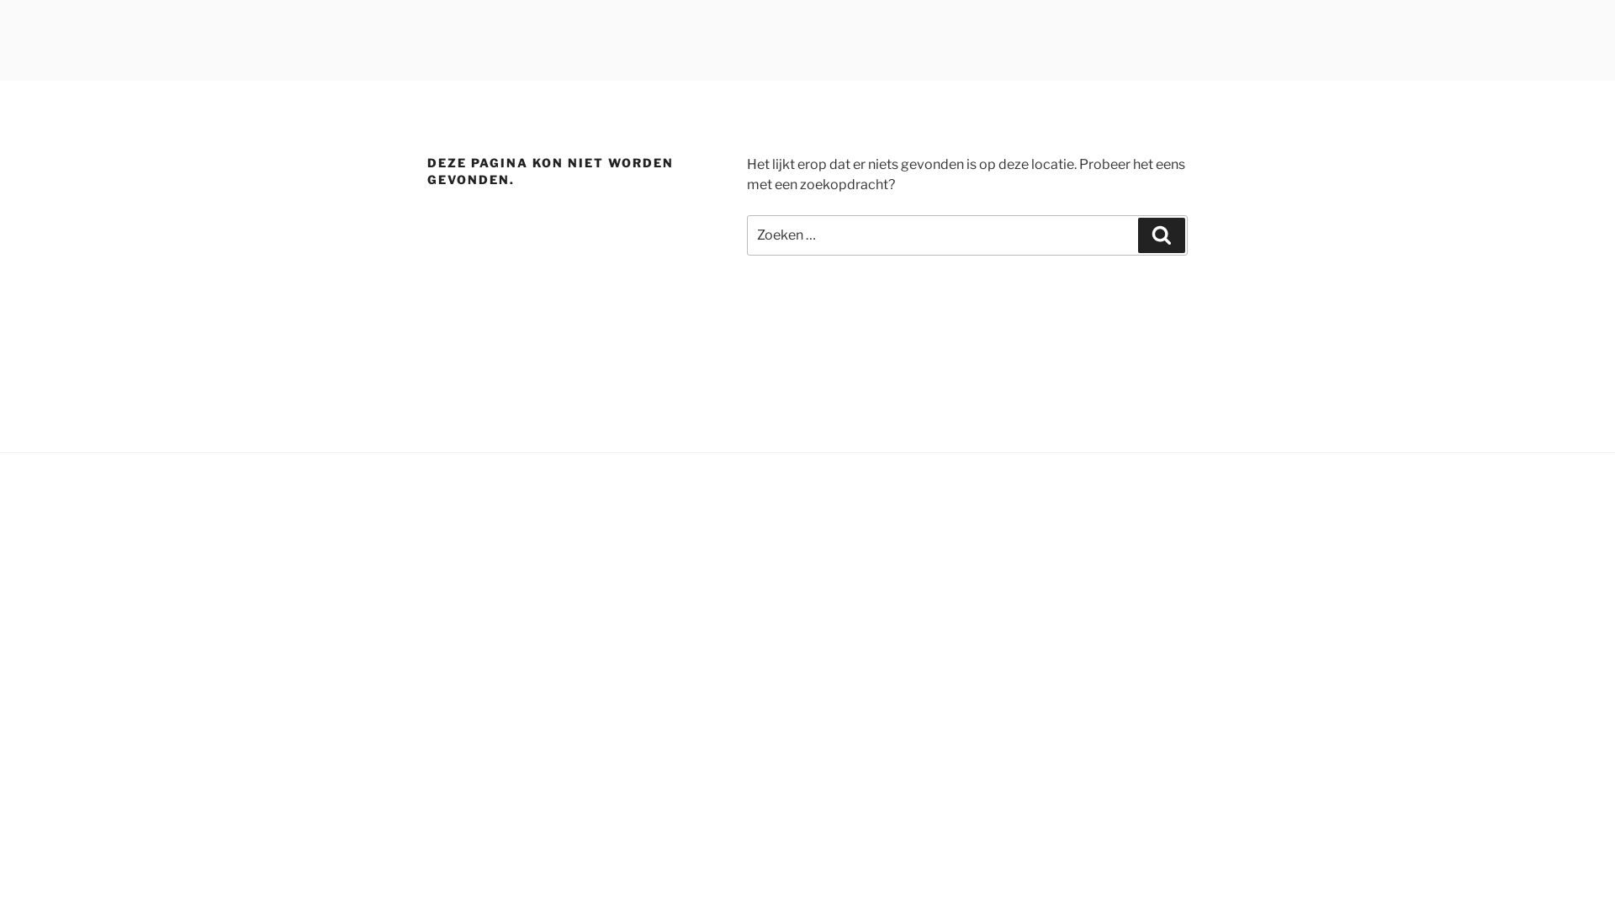  I want to click on 'Zoeken', so click(1161, 235).